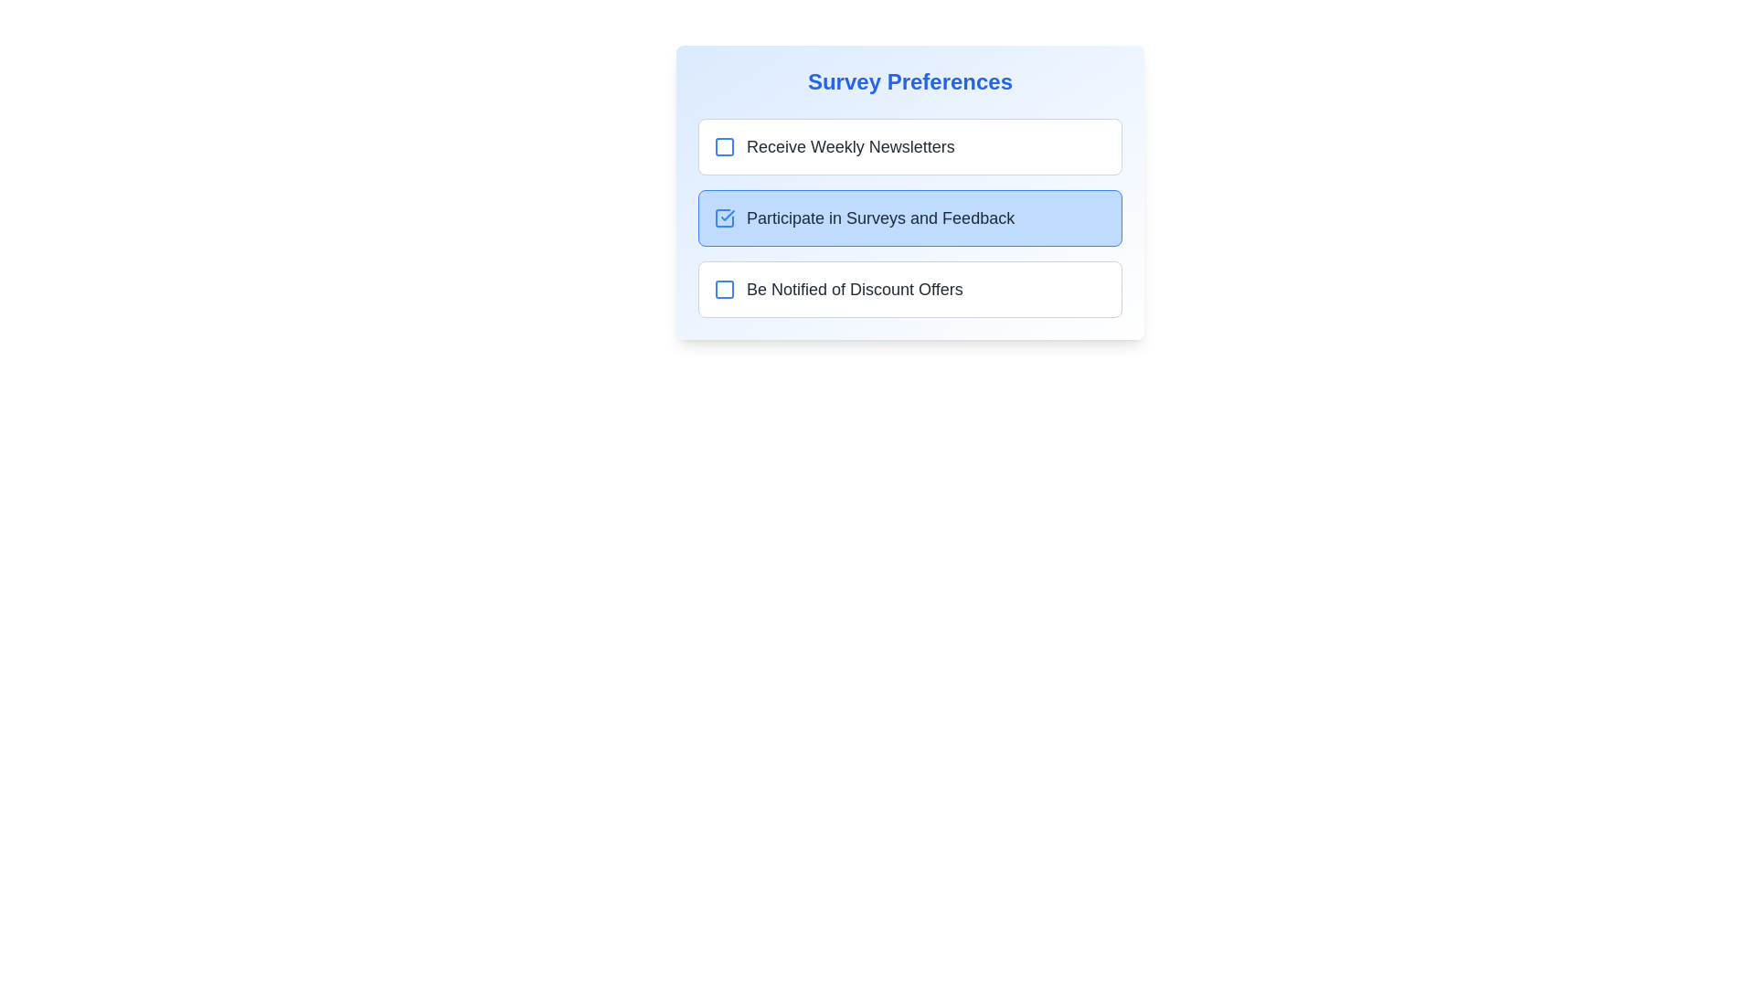 Image resolution: width=1755 pixels, height=987 pixels. I want to click on the checkbox located to the left of the text 'Be Notified of Discount Offers', so click(723, 288).